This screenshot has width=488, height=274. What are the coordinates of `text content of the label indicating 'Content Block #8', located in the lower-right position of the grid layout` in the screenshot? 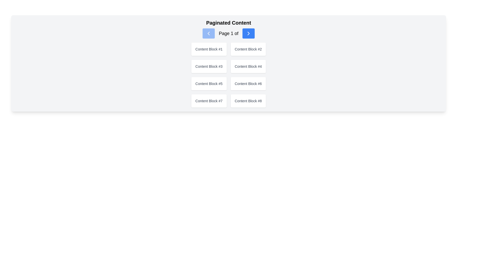 It's located at (248, 101).